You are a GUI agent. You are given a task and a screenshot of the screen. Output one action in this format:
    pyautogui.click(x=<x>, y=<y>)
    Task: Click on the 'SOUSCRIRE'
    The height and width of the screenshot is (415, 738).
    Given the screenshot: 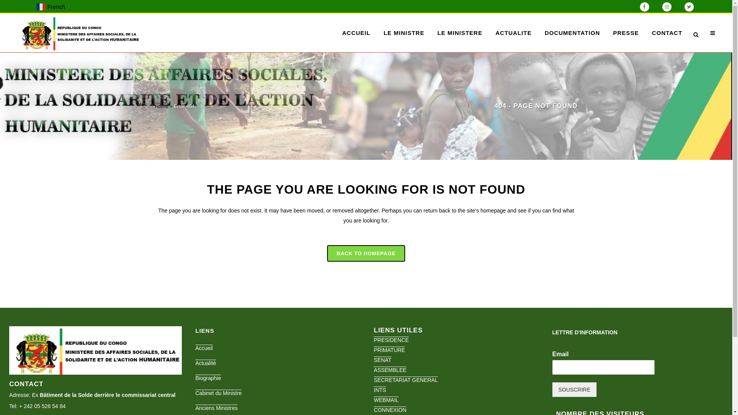 What is the action you would take?
    pyautogui.click(x=574, y=390)
    